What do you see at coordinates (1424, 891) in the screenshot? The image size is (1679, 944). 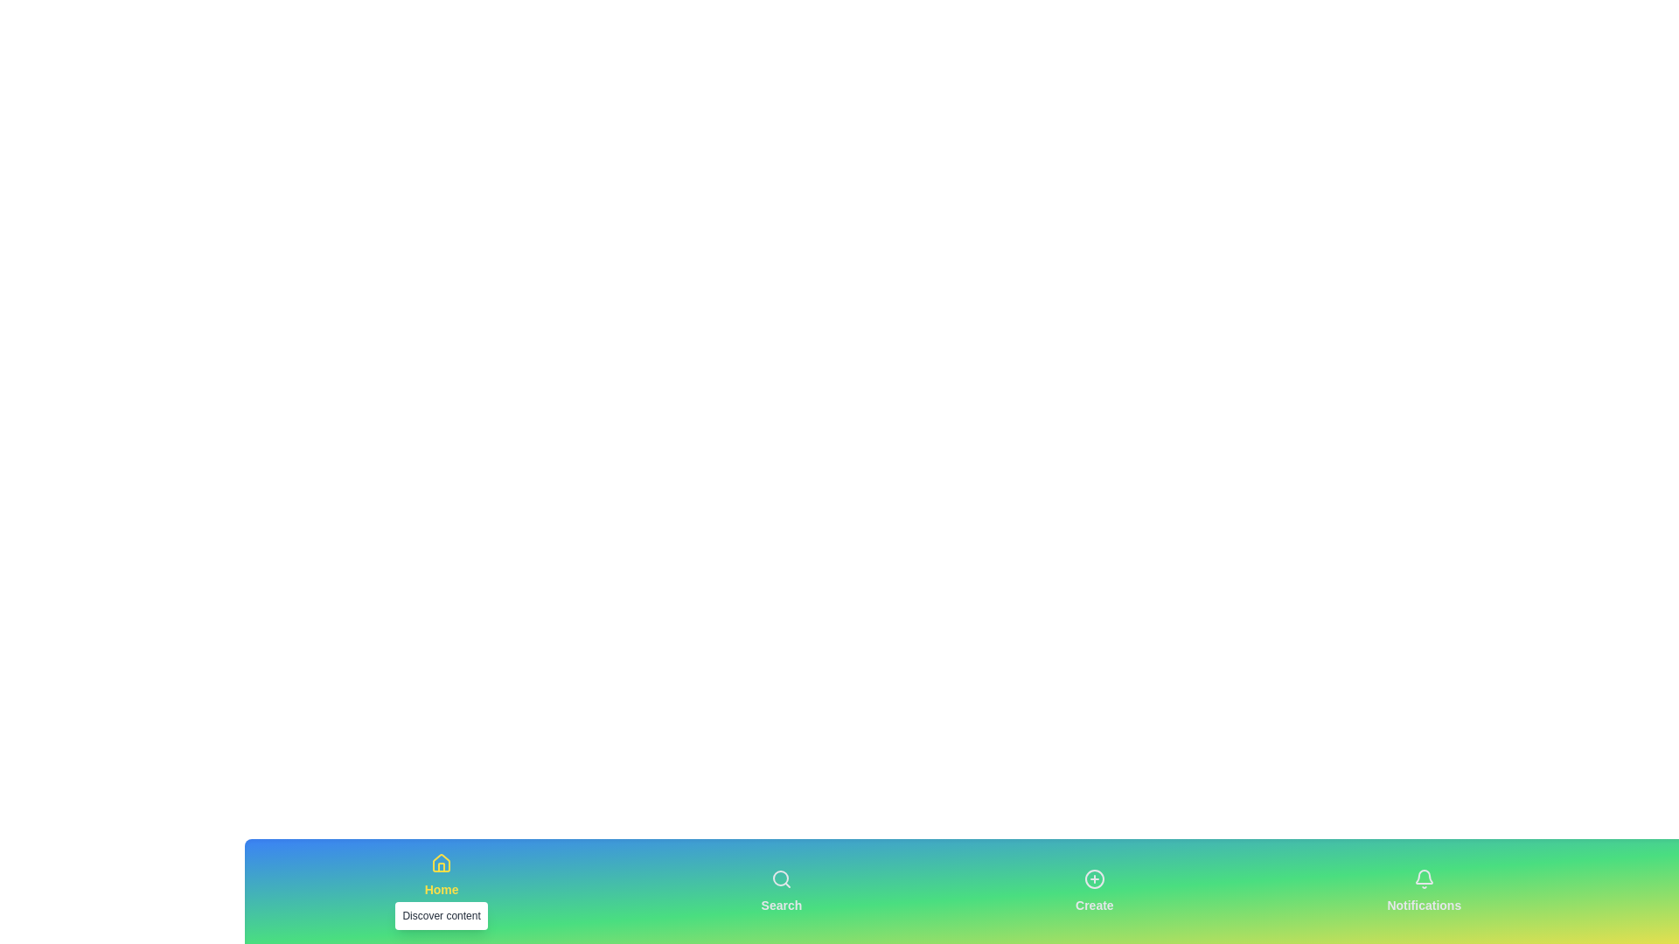 I see `the tab icon labeled 'Notifications' to observe the hover effect` at bounding box center [1424, 891].